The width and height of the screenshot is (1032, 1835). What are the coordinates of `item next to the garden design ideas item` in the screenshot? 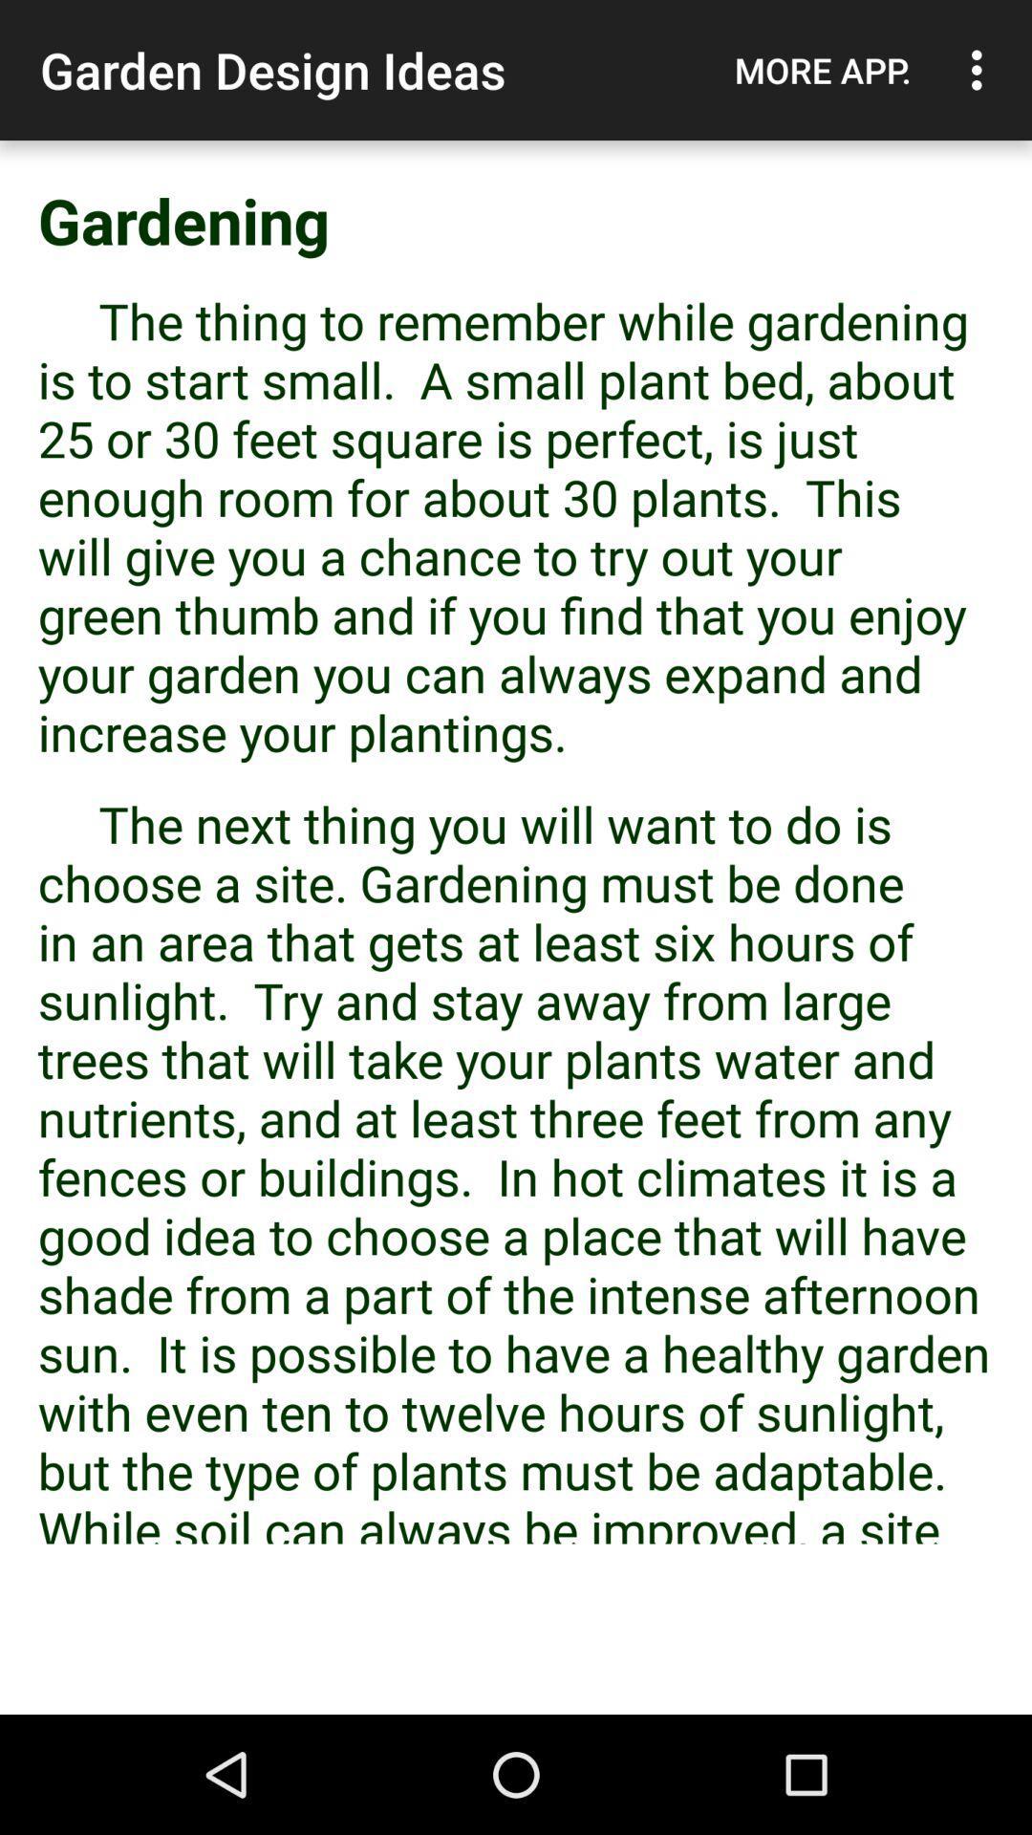 It's located at (822, 70).